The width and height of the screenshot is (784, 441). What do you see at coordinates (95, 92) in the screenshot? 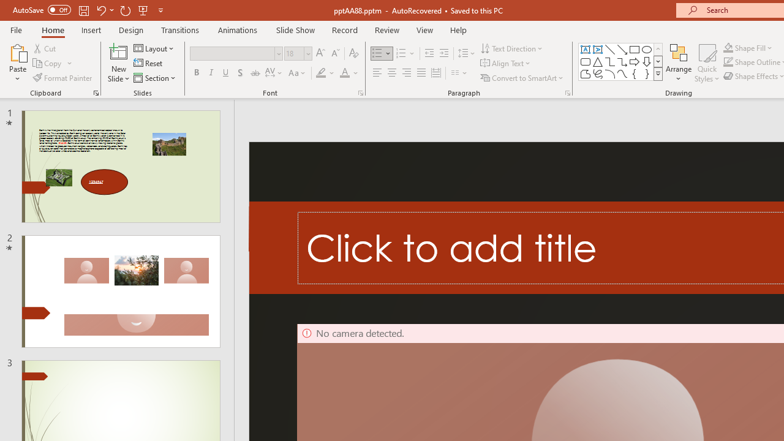
I see `'Office Clipboard...'` at bounding box center [95, 92].